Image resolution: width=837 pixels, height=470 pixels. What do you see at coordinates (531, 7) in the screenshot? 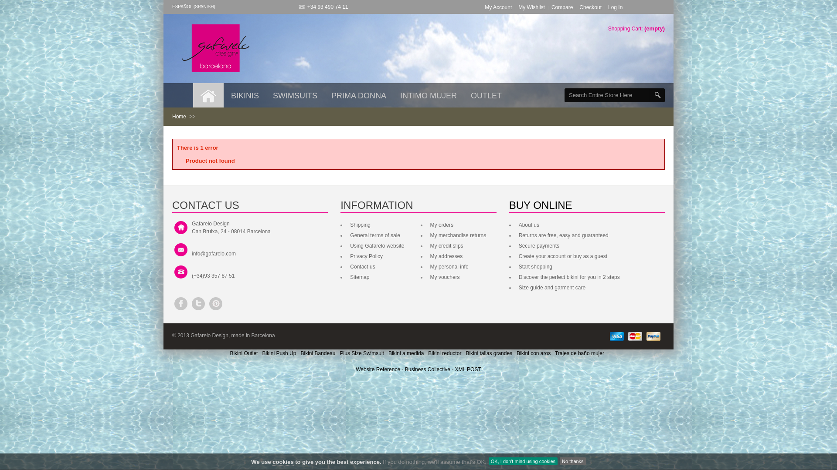
I see `'My Wishlist'` at bounding box center [531, 7].